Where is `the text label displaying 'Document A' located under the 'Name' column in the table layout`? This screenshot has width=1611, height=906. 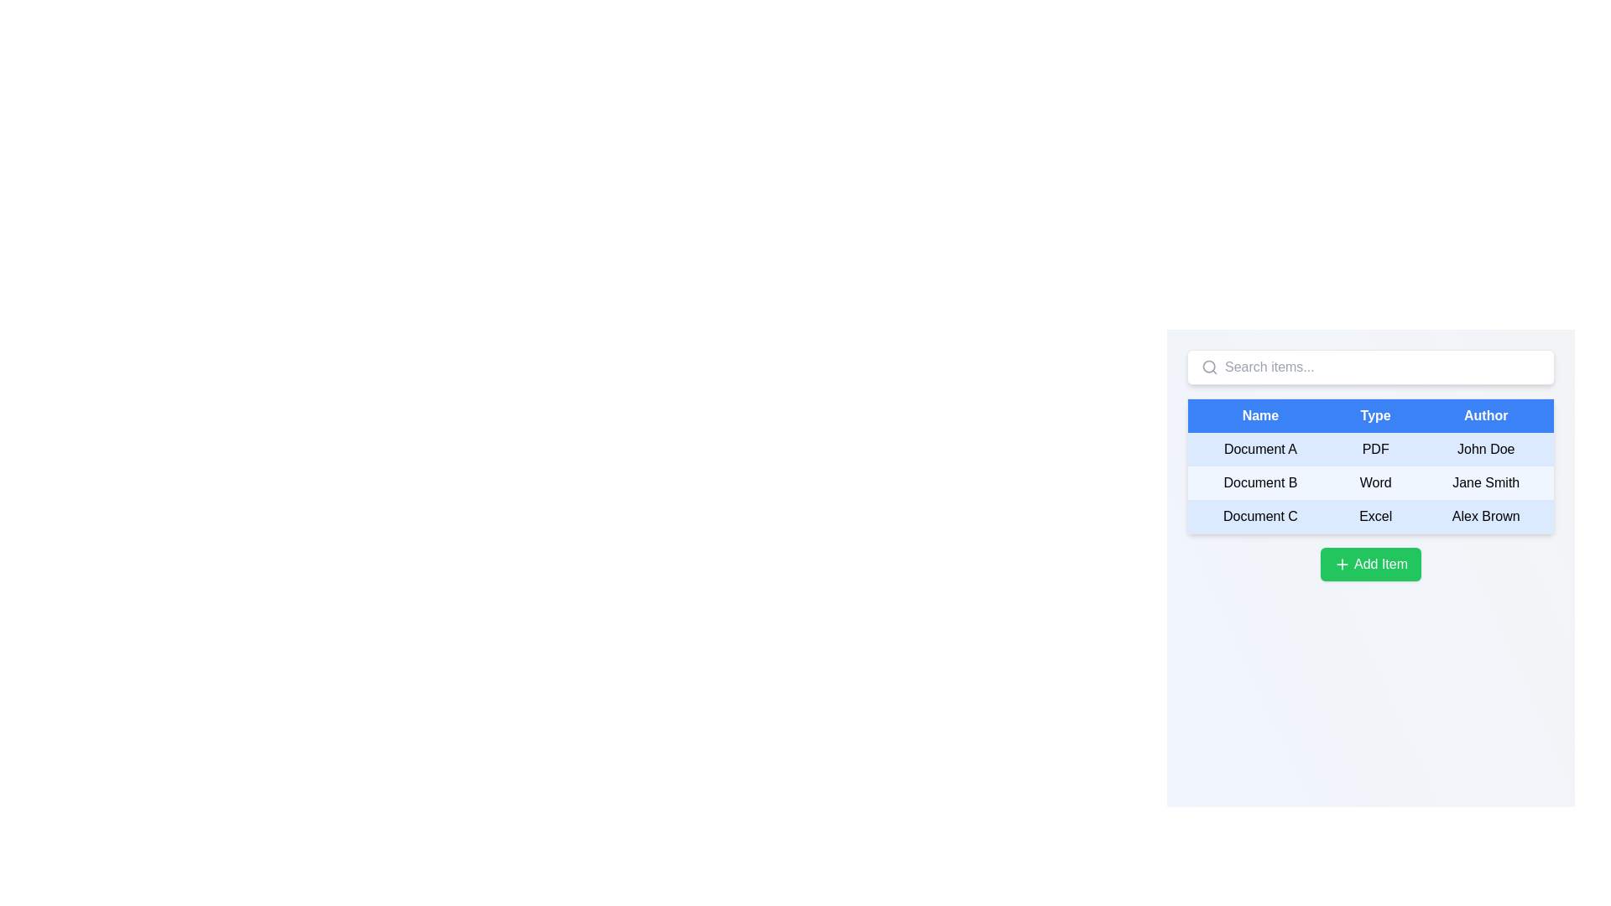 the text label displaying 'Document A' located under the 'Name' column in the table layout is located at coordinates (1260, 449).